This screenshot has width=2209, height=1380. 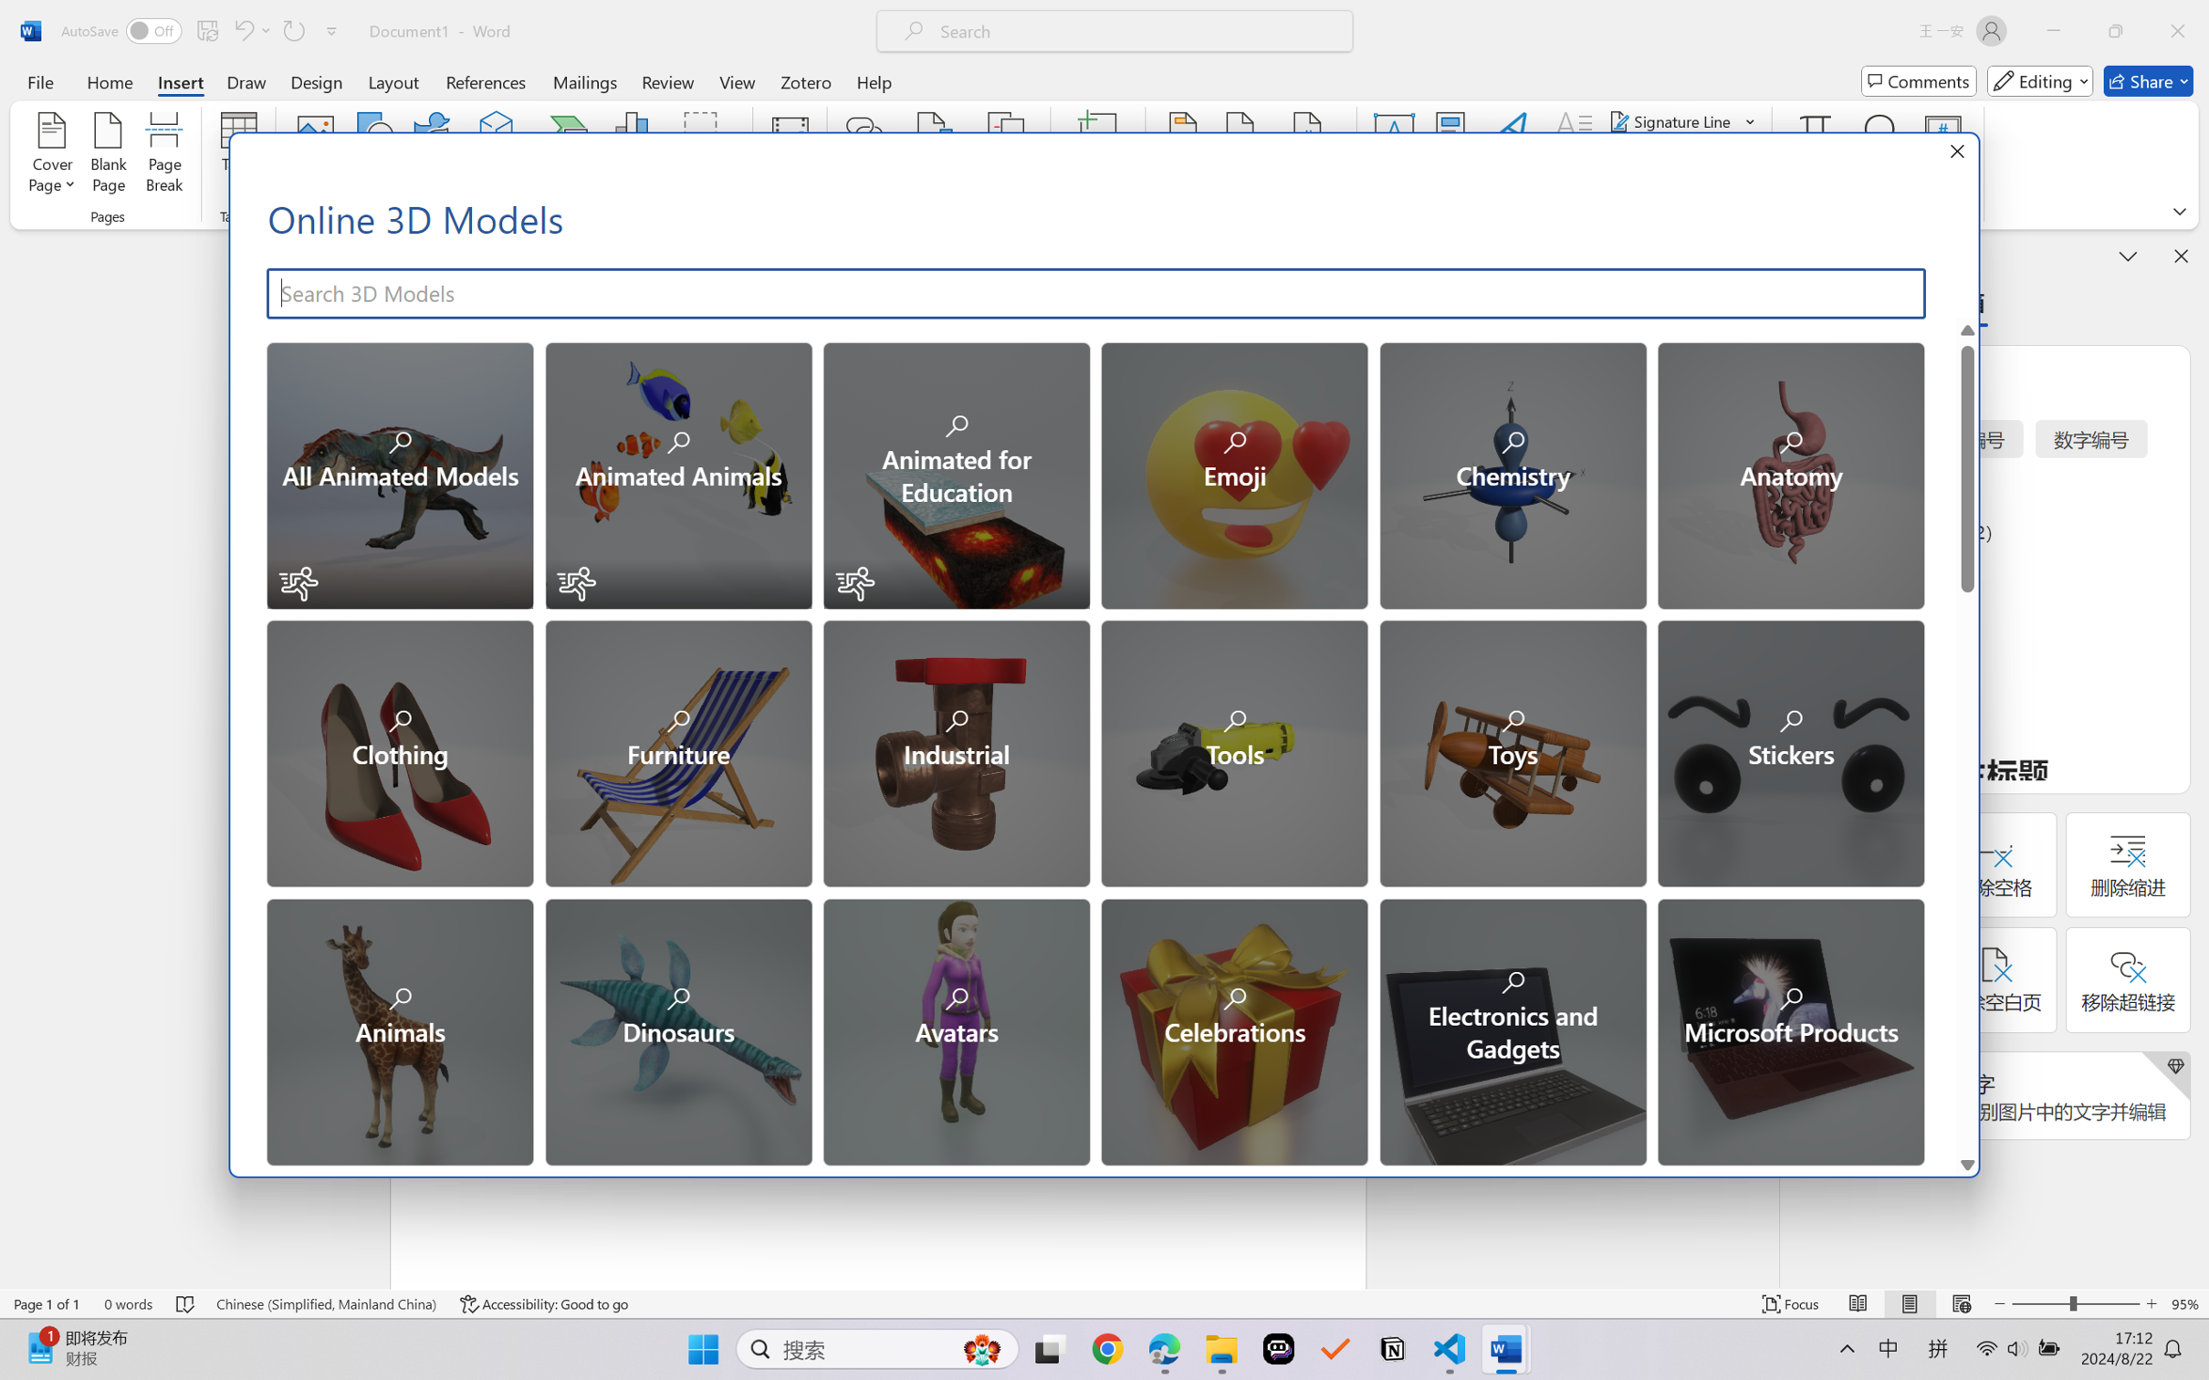 I want to click on 'Blank Page', so click(x=107, y=155).